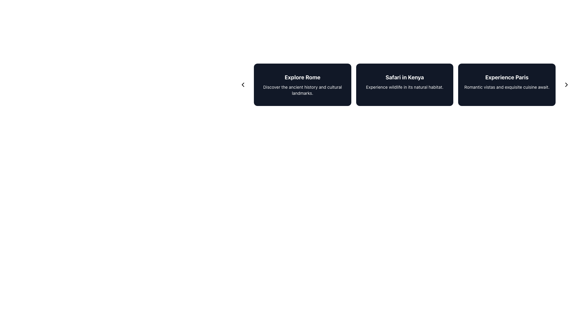  I want to click on text label that displays 'Experience Paris', which is styled as large and bold, located at the top center of the third card in a horizontal series of three cards, so click(507, 77).